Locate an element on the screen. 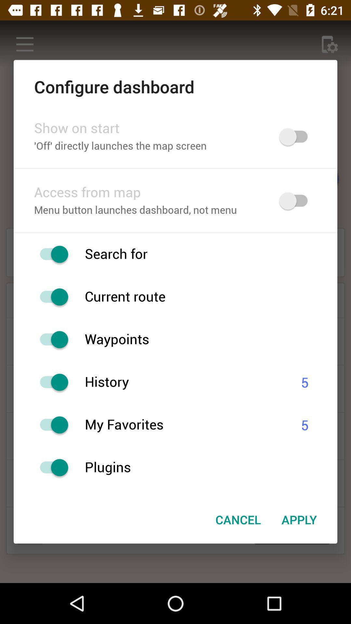 The height and width of the screenshot is (624, 351). waypoints is located at coordinates (211, 339).